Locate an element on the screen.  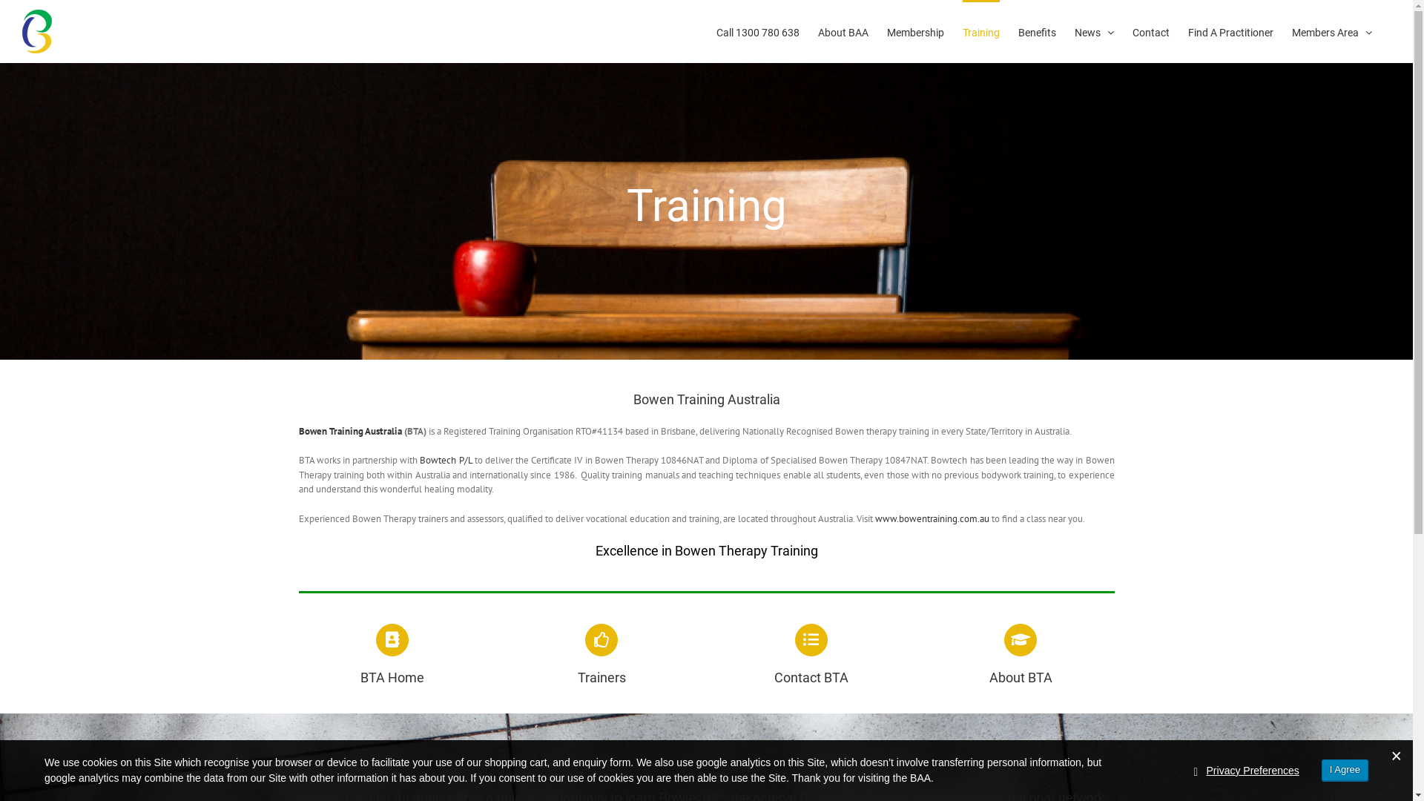
'Training' is located at coordinates (981, 31).